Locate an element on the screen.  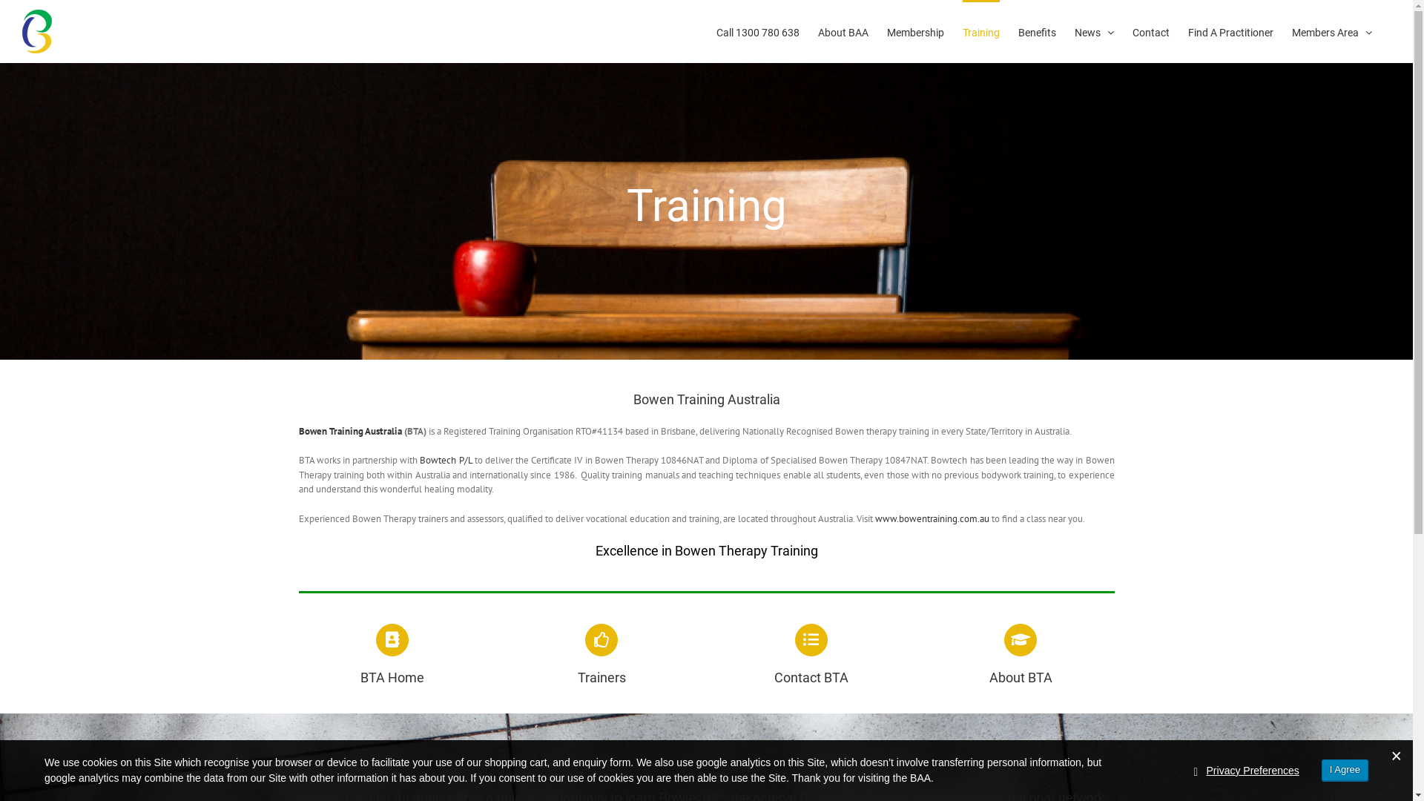
'Training' is located at coordinates (981, 31).